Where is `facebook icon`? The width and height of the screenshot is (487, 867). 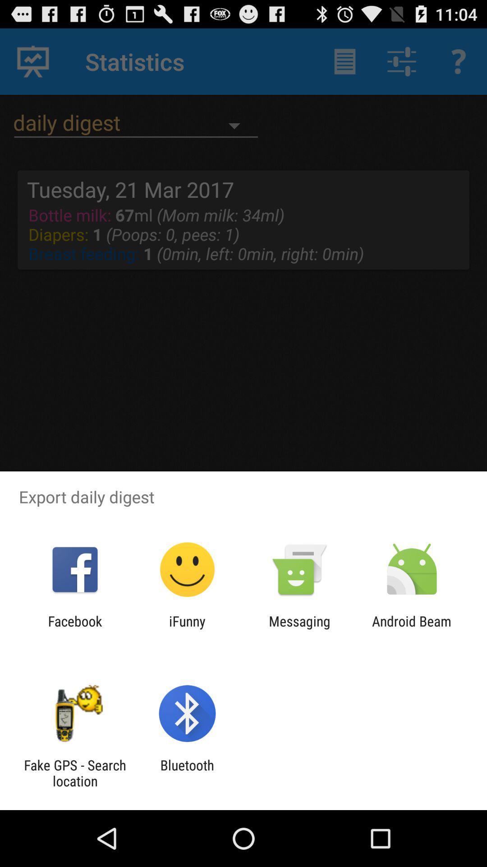 facebook icon is located at coordinates (74, 629).